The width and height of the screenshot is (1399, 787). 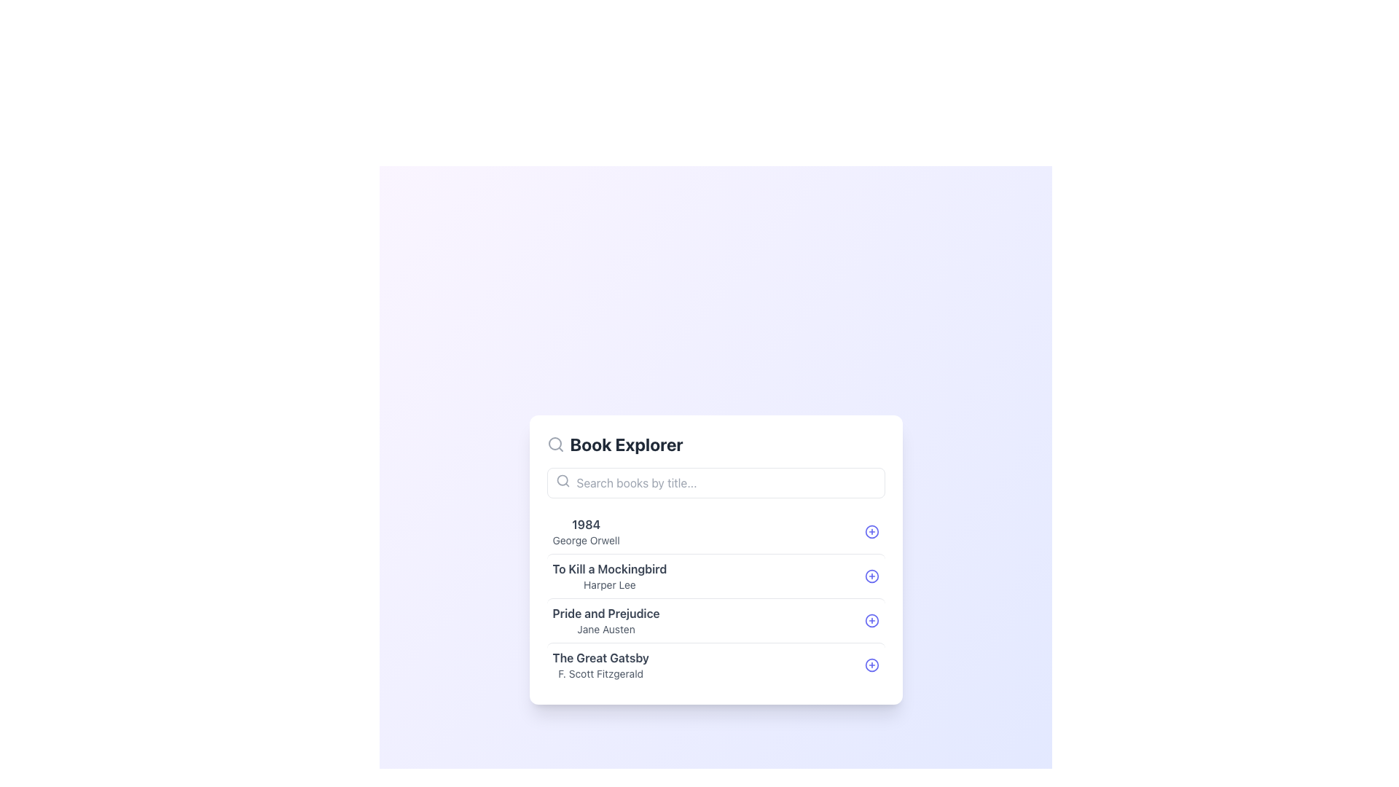 What do you see at coordinates (554, 443) in the screenshot?
I see `the grayish magnifying glass icon located to the left of the 'Book Explorer' title` at bounding box center [554, 443].